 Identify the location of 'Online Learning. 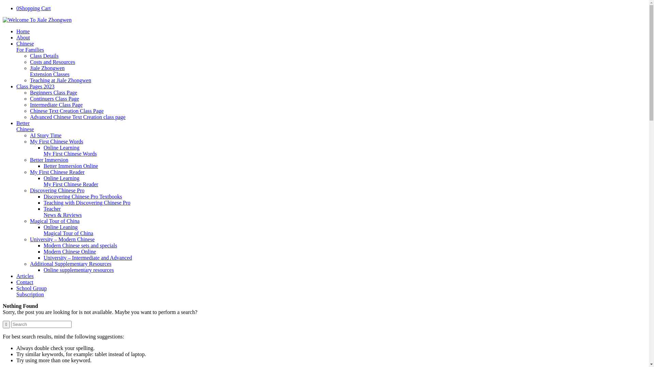
(70, 150).